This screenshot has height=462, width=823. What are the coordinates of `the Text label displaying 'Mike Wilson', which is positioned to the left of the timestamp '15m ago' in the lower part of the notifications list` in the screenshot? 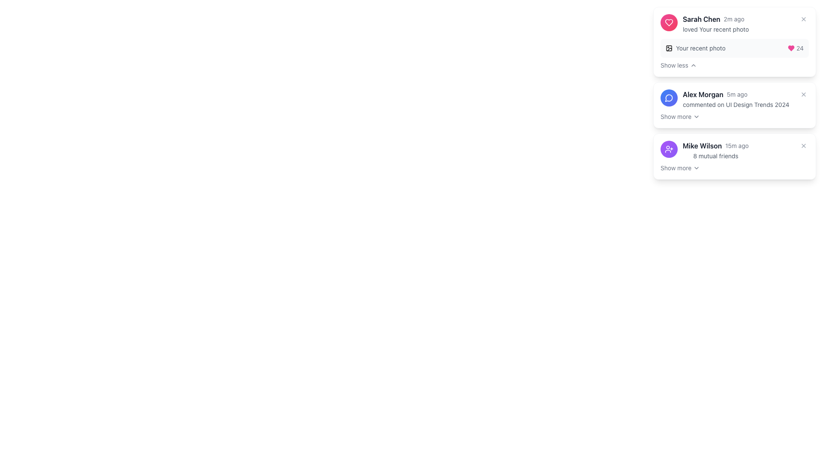 It's located at (702, 145).